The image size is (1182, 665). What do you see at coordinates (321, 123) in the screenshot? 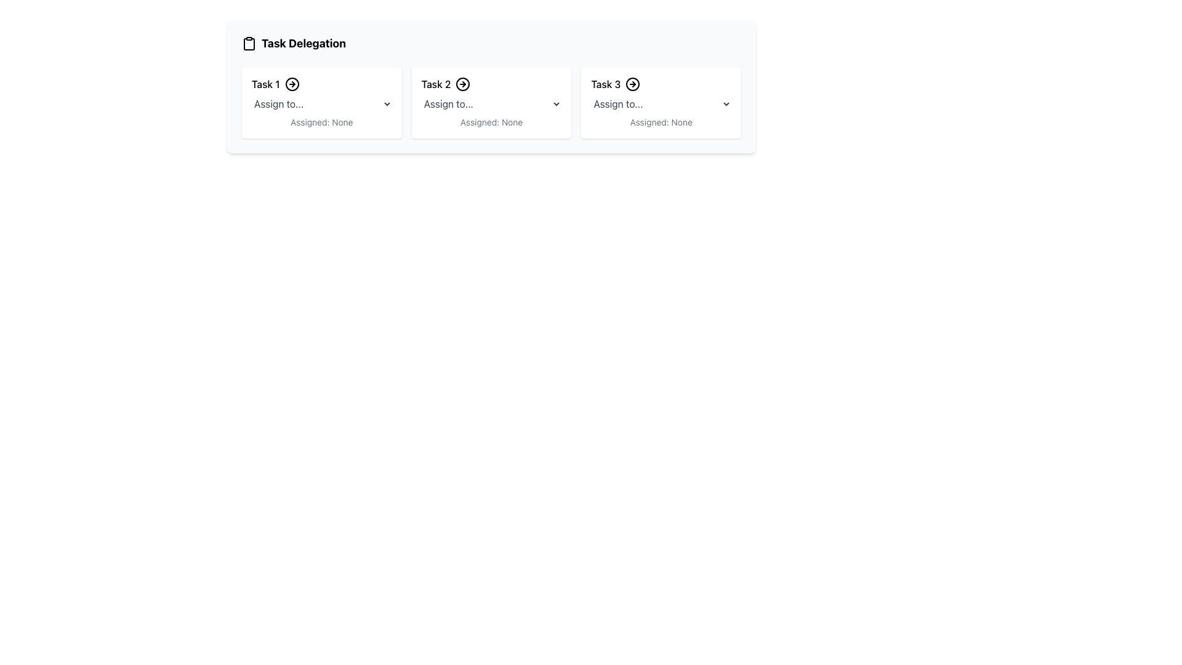
I see `the text label displaying 'Assigned: None', which is styled in a small, gray font, located below the 'Assign to...' dropdown menu in the 'Task 1' card` at bounding box center [321, 123].